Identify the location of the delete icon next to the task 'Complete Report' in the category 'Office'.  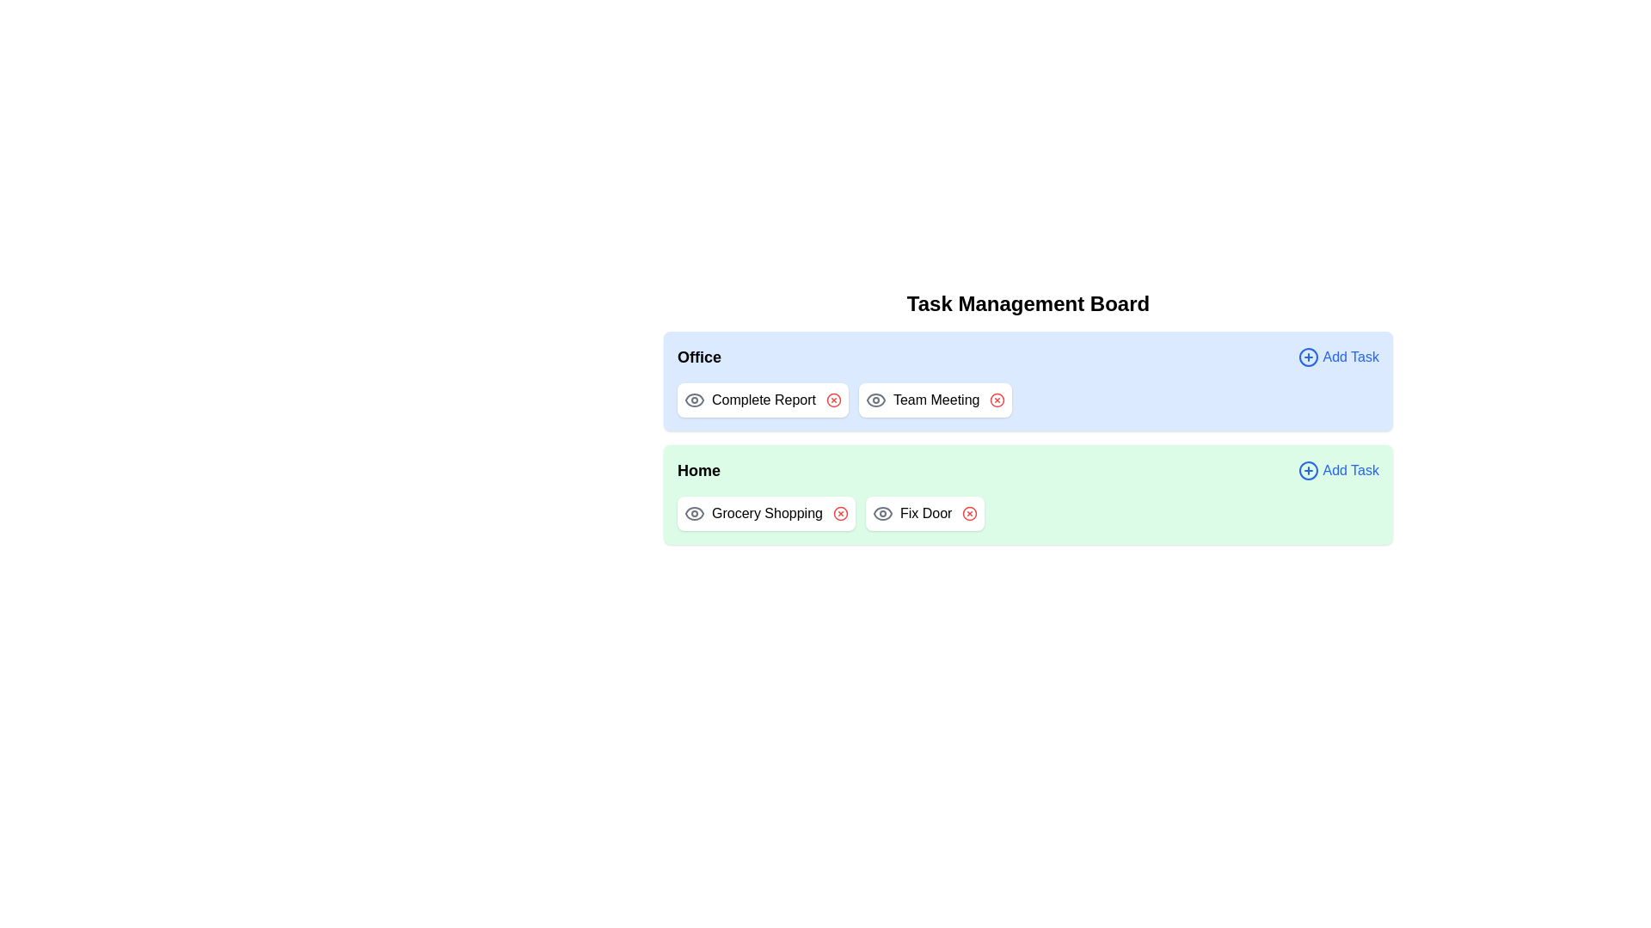
(833, 400).